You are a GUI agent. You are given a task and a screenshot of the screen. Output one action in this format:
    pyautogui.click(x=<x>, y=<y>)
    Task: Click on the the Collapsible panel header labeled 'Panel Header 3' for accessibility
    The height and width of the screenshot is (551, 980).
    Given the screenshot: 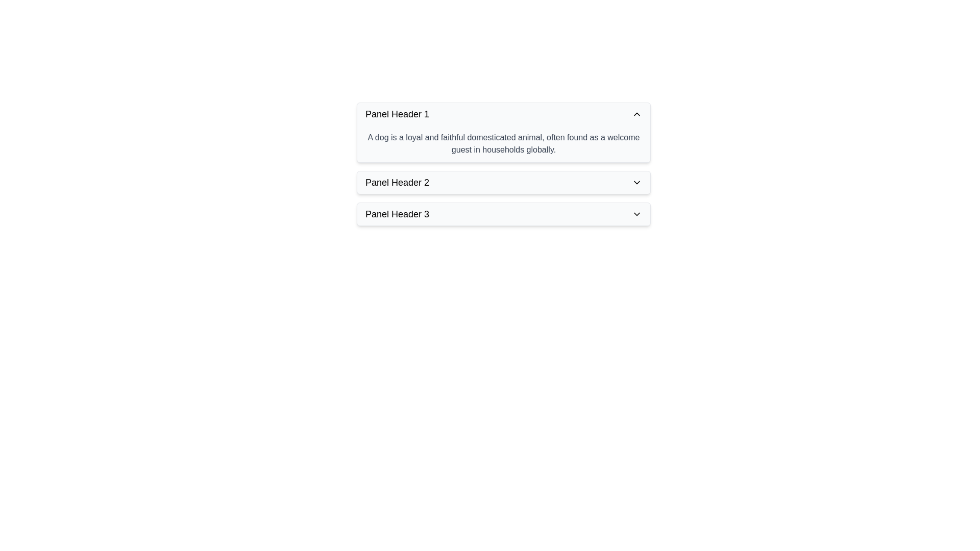 What is the action you would take?
    pyautogui.click(x=504, y=214)
    